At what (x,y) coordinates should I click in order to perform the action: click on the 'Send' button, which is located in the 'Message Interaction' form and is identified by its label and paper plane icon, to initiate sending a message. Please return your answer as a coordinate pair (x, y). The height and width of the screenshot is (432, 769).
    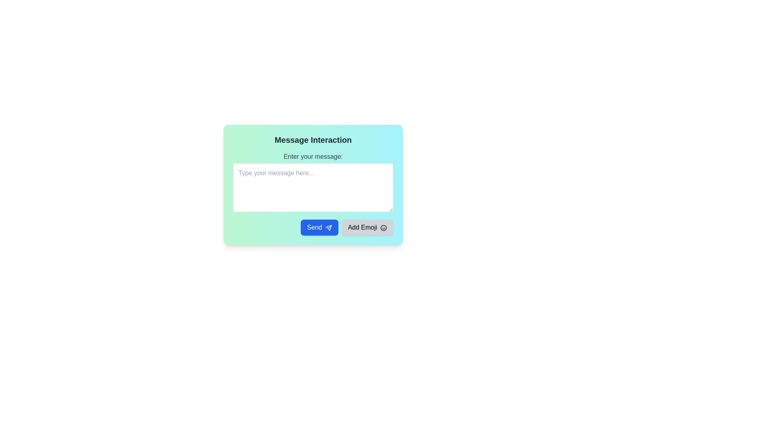
    Looking at the image, I should click on (319, 228).